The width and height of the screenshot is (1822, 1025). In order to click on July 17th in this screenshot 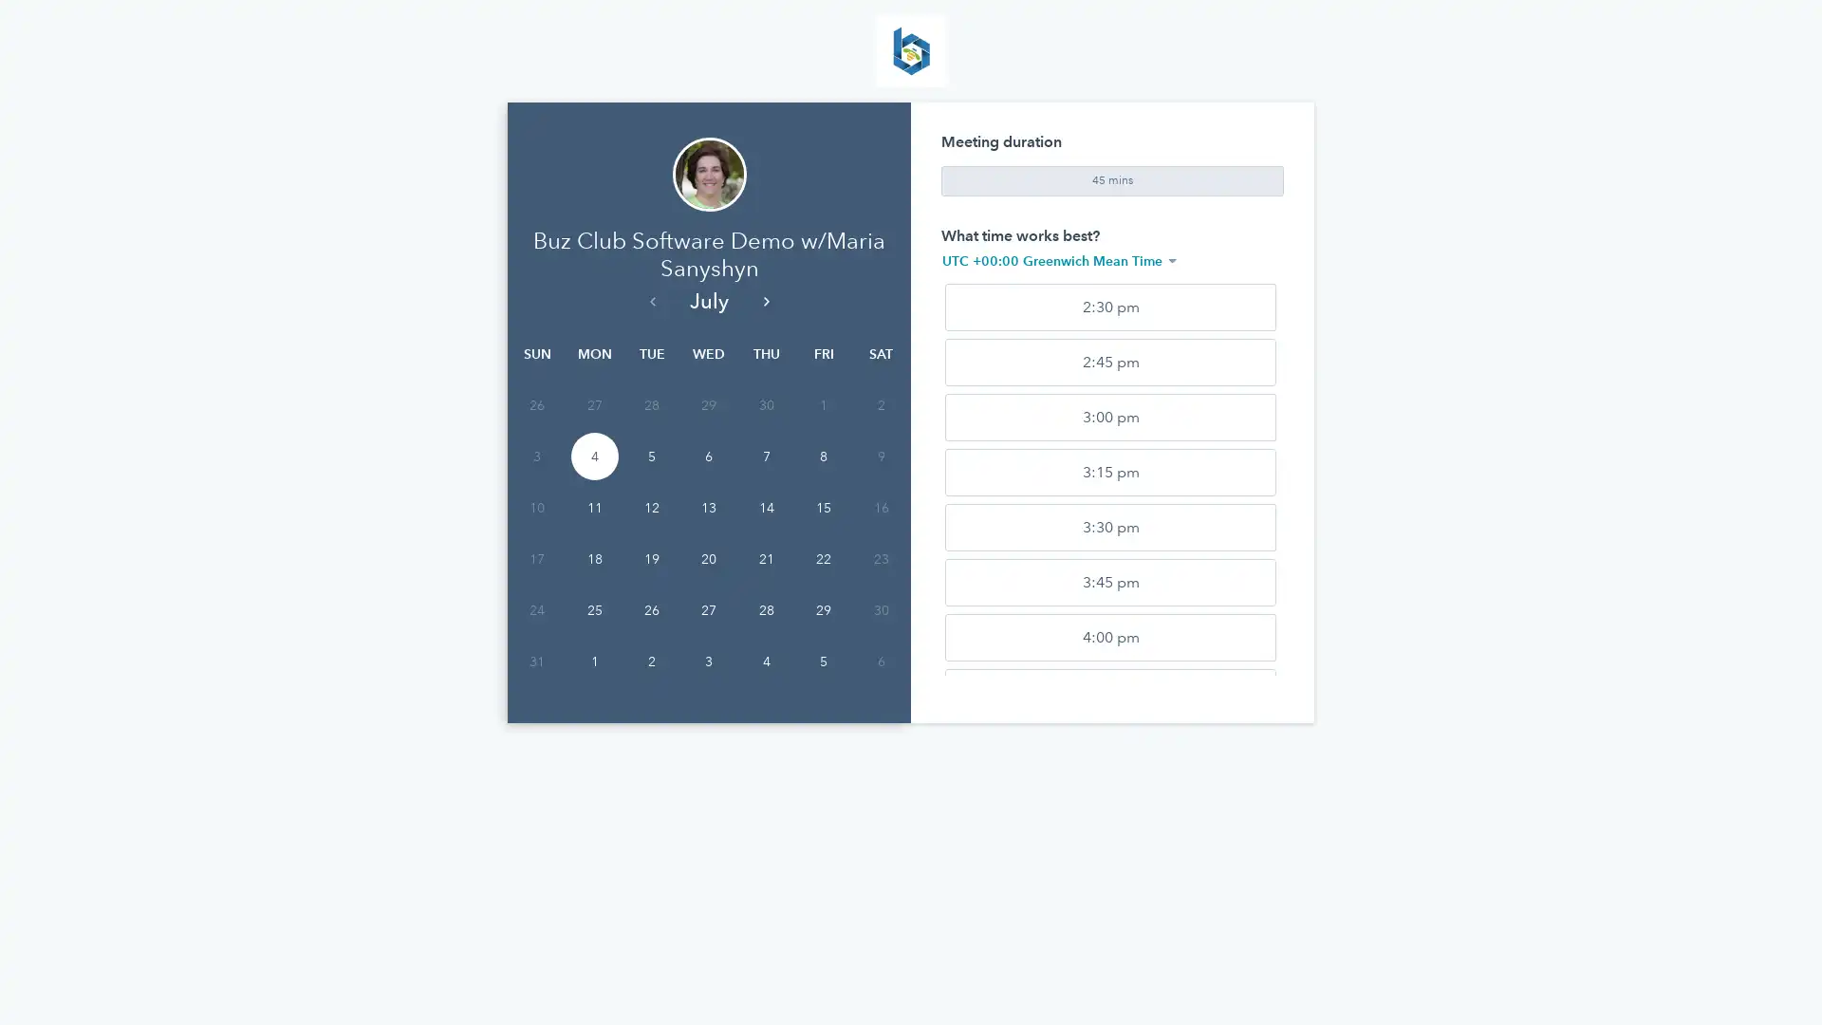, I will do `click(536, 558)`.